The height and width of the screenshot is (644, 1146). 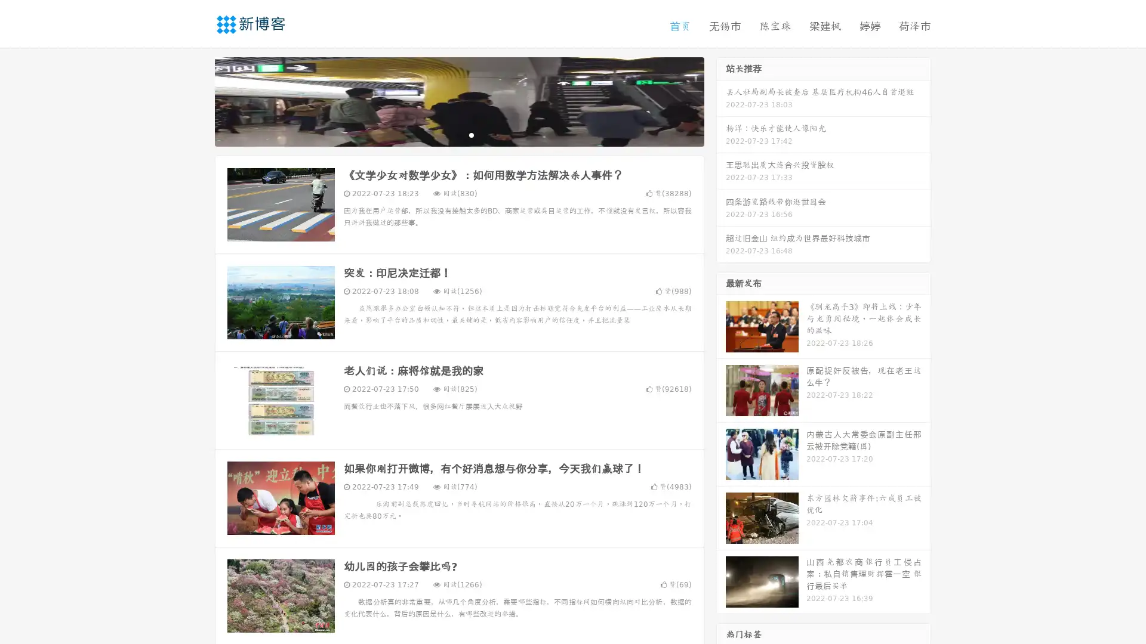 I want to click on Go to slide 3, so click(x=471, y=134).